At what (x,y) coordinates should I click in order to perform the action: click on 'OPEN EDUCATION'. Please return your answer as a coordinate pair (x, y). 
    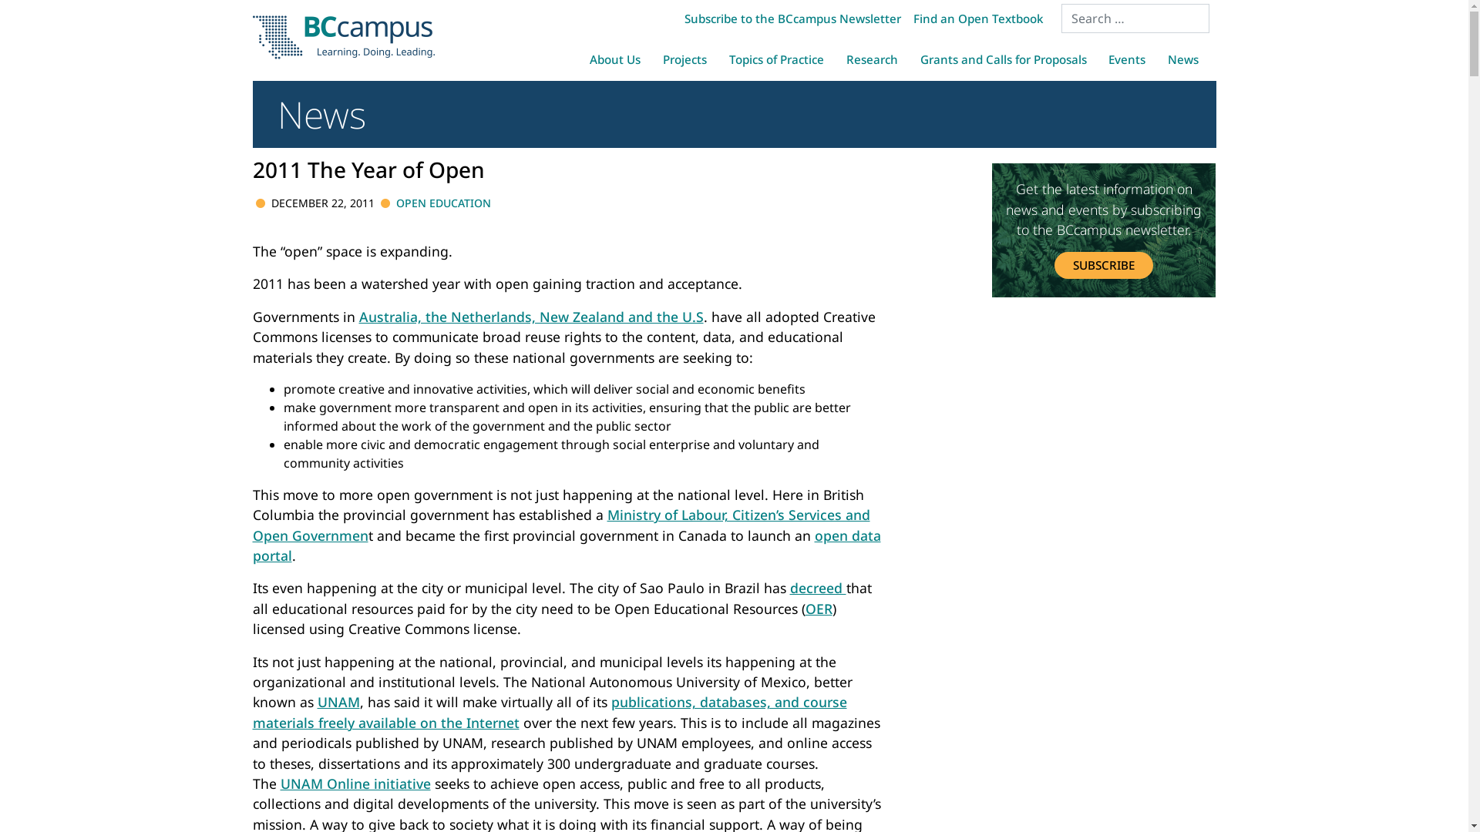
    Looking at the image, I should click on (442, 202).